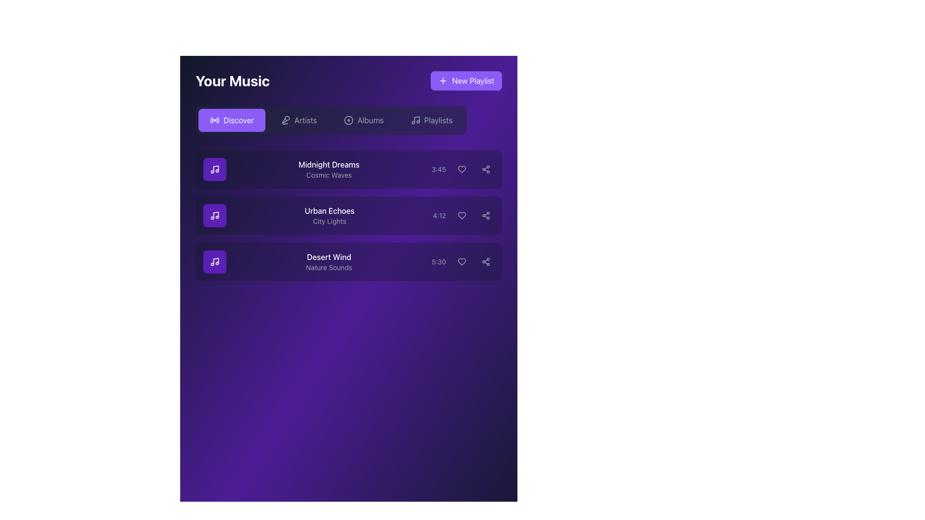 The width and height of the screenshot is (925, 520). I want to click on the text label displaying 'Urban Echoes' in white, which is positioned above the gray text 'City Lights' in the 'Your Music' section, so click(330, 210).